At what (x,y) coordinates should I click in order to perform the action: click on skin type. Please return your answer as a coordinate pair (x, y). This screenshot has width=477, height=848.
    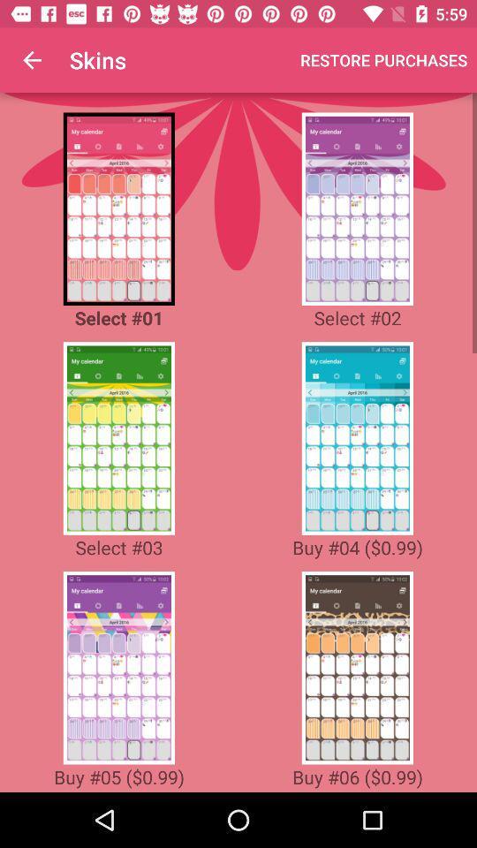
    Looking at the image, I should click on (357, 667).